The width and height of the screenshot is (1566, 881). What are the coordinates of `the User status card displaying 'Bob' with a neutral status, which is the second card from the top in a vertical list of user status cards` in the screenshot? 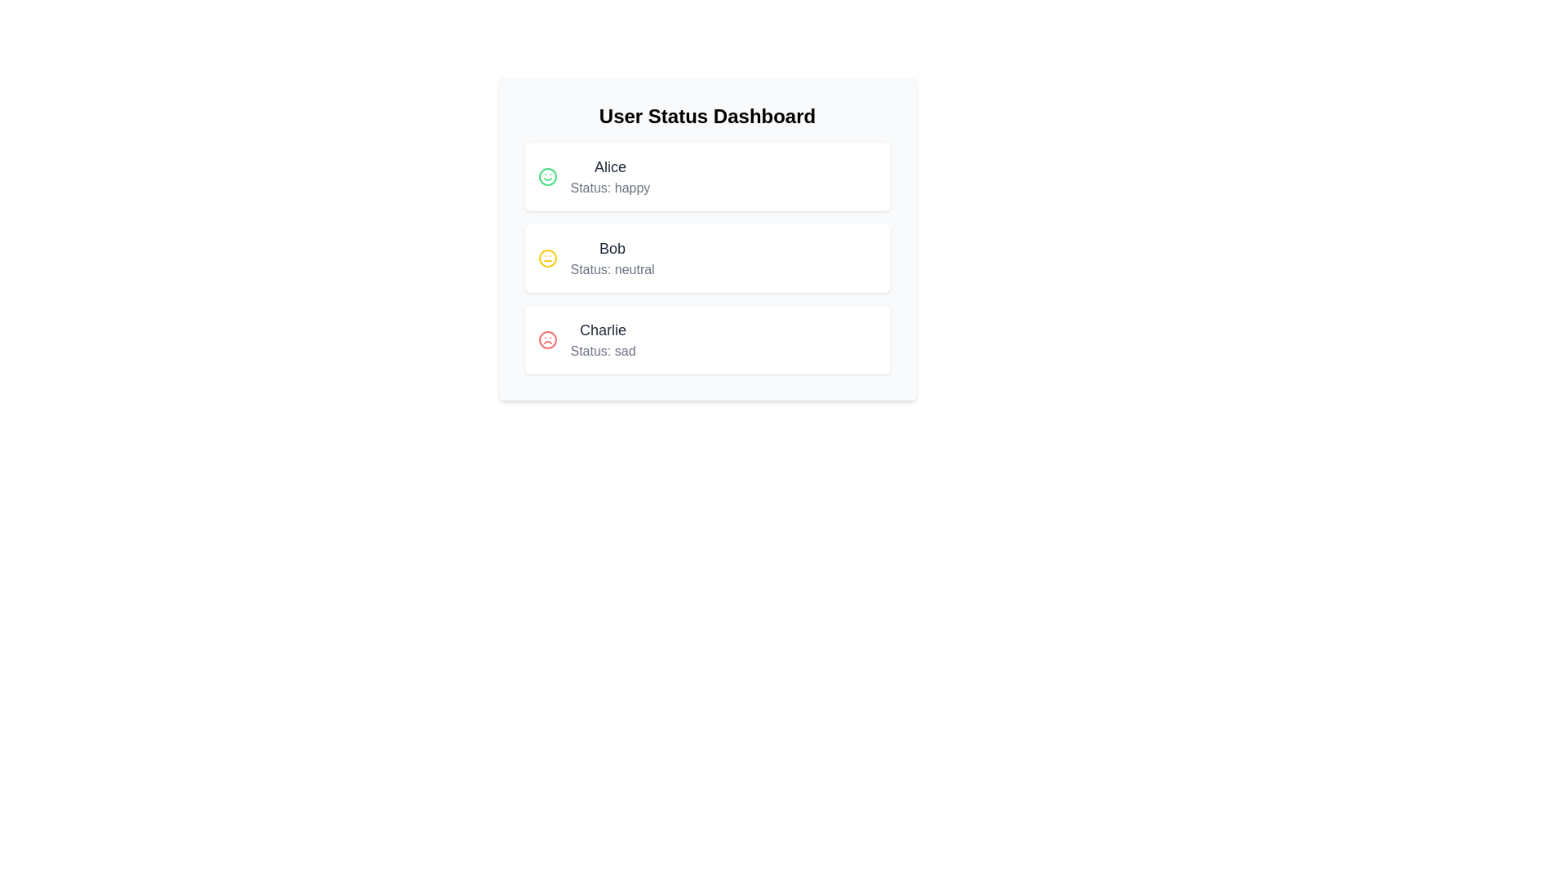 It's located at (707, 257).